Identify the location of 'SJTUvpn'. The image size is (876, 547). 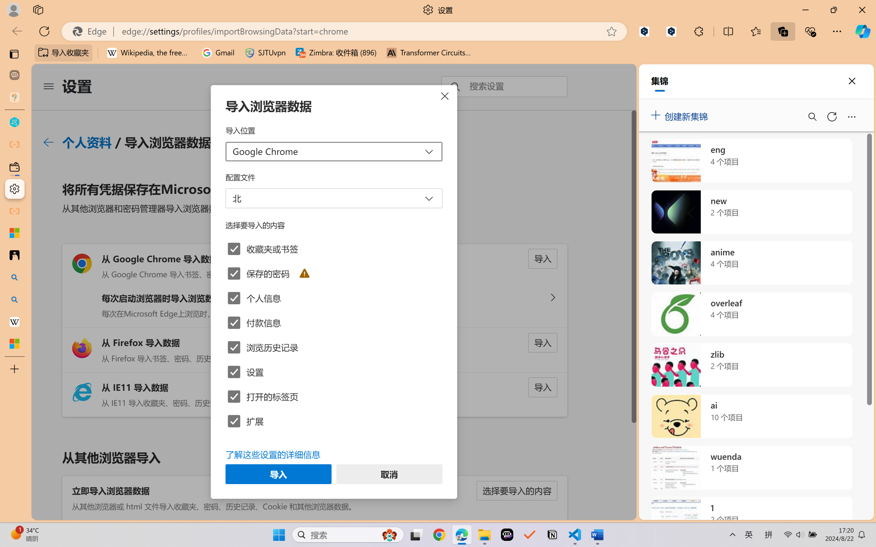
(265, 52).